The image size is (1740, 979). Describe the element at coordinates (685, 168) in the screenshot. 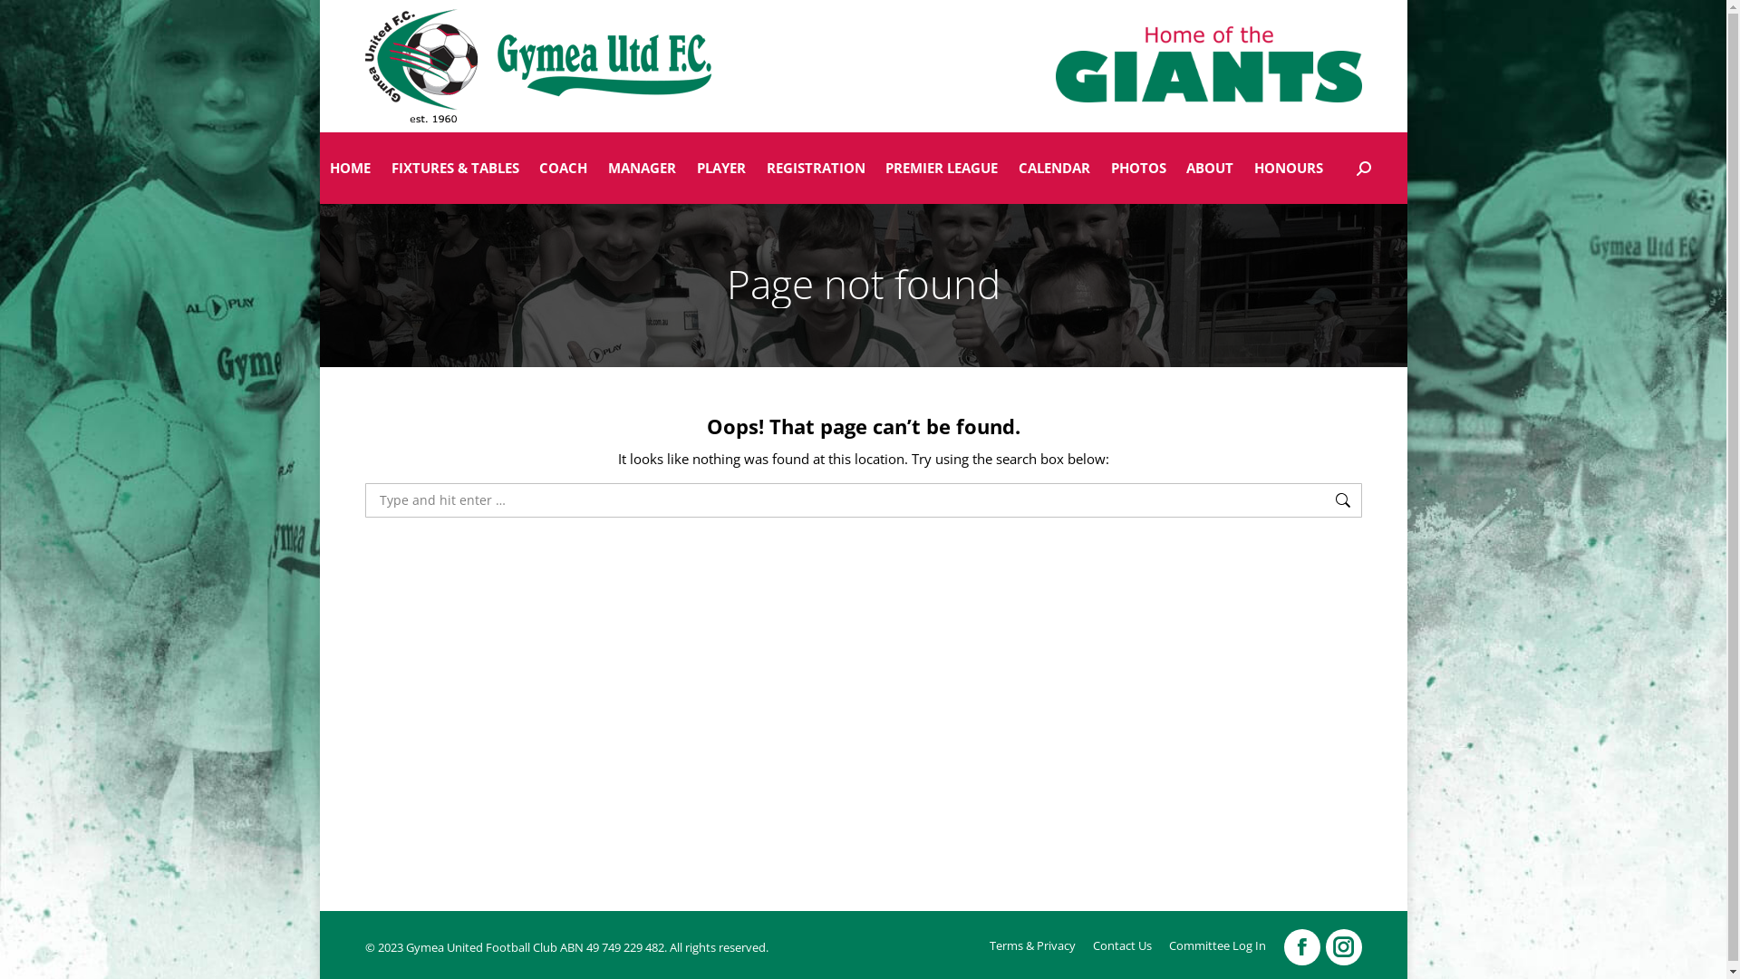

I see `'PLAYER'` at that location.